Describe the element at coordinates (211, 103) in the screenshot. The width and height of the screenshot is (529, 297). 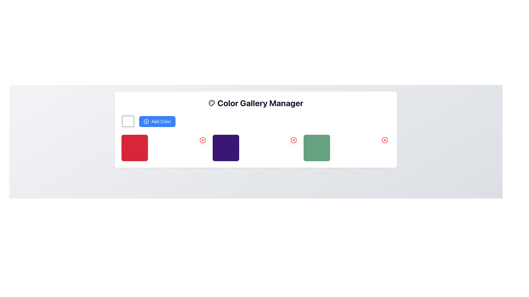
I see `the compact graphic icon resembling a painter's palette, positioned to the left of the 'Color Gallery Manager' heading` at that location.